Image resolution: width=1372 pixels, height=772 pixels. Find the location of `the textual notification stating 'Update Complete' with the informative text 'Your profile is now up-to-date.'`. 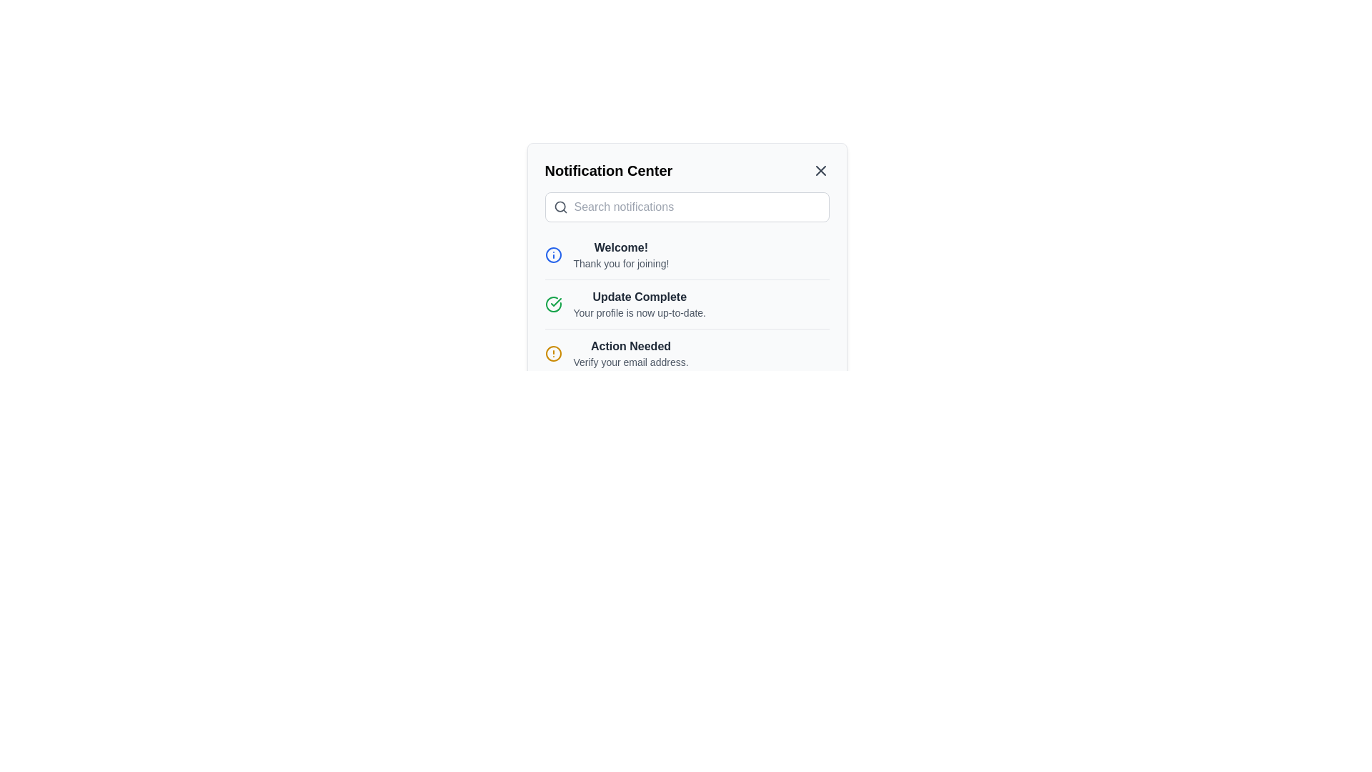

the textual notification stating 'Update Complete' with the informative text 'Your profile is now up-to-date.' is located at coordinates (639, 303).